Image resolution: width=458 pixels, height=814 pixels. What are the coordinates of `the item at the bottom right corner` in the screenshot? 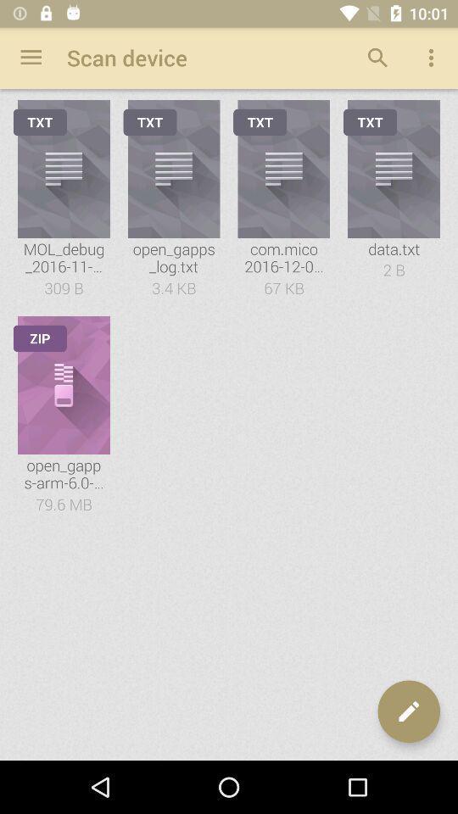 It's located at (408, 711).